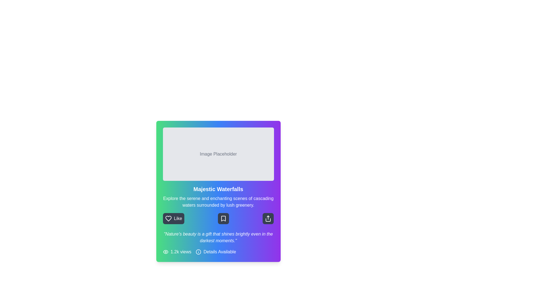 Image resolution: width=533 pixels, height=300 pixels. I want to click on the bookmarking button located, so click(218, 218).